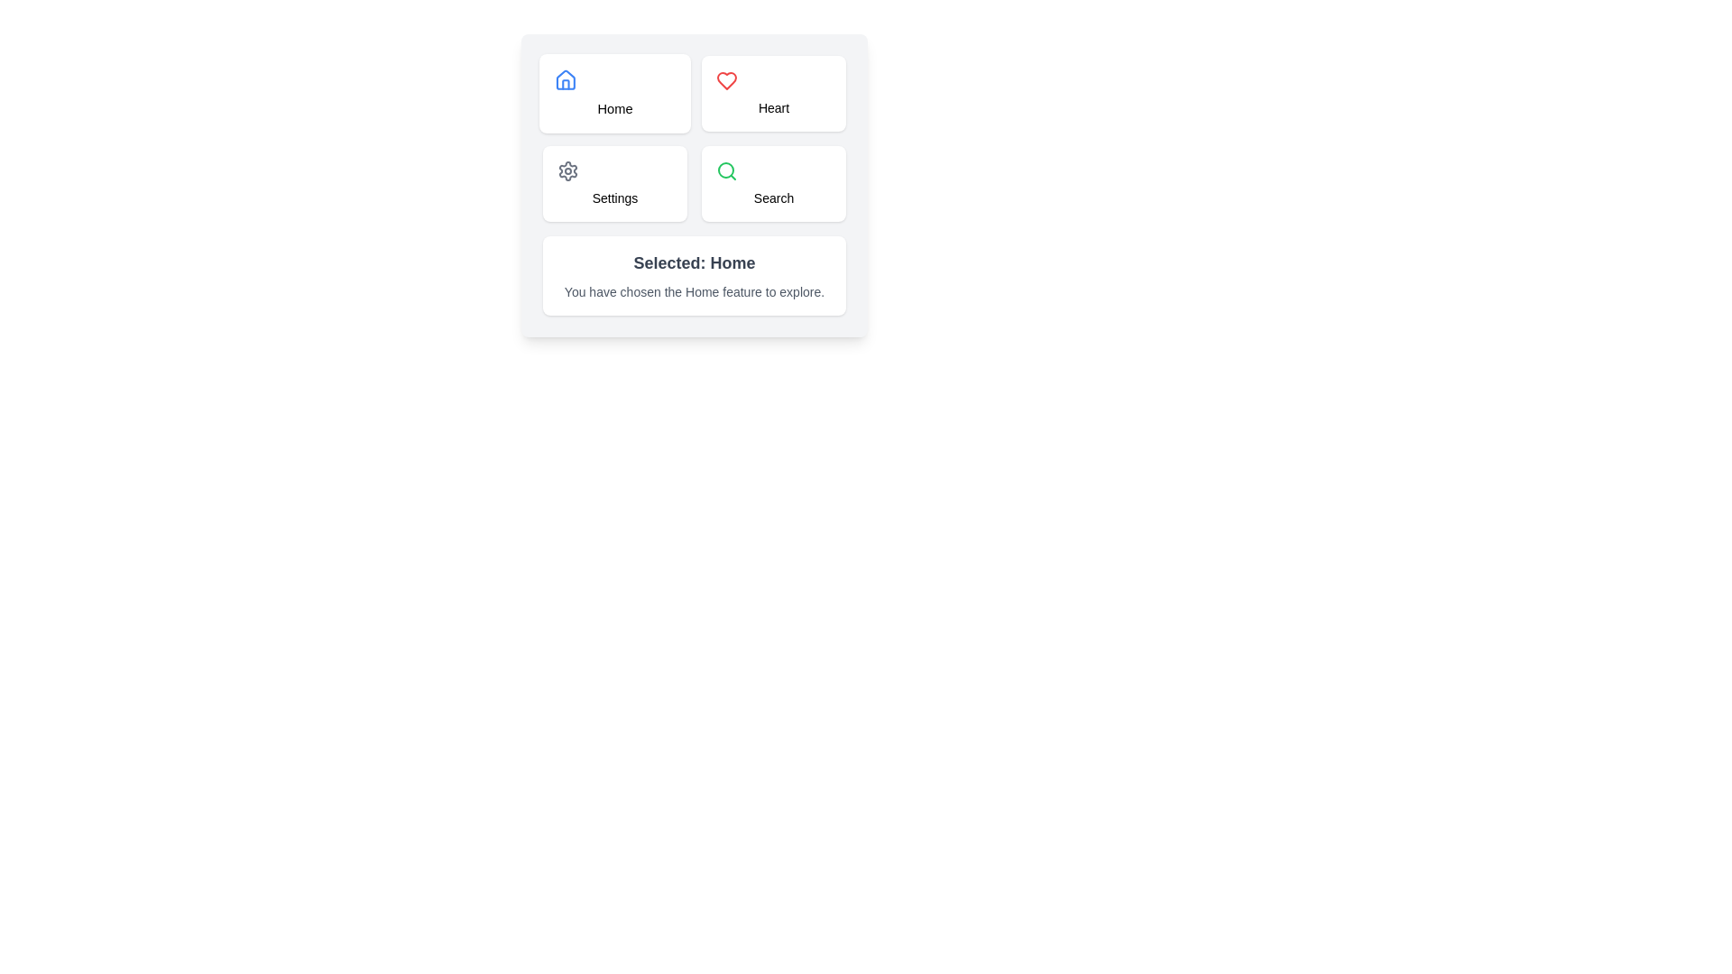 This screenshot has height=974, width=1732. I want to click on the 'Settings' button located at the bottom-left corner of the grid layout, so click(614, 184).